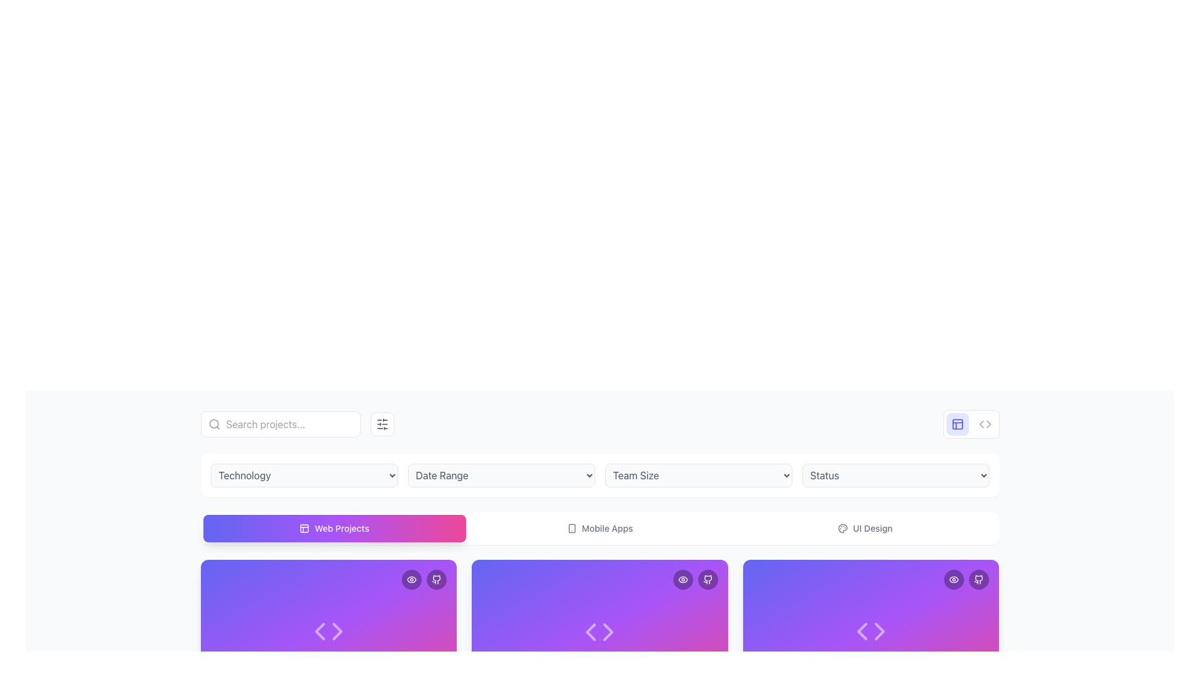  What do you see at coordinates (682, 580) in the screenshot?
I see `the eye-shaped icon (view/preview) located at the top-right corner of the card interface to possibly reveal additional information` at bounding box center [682, 580].